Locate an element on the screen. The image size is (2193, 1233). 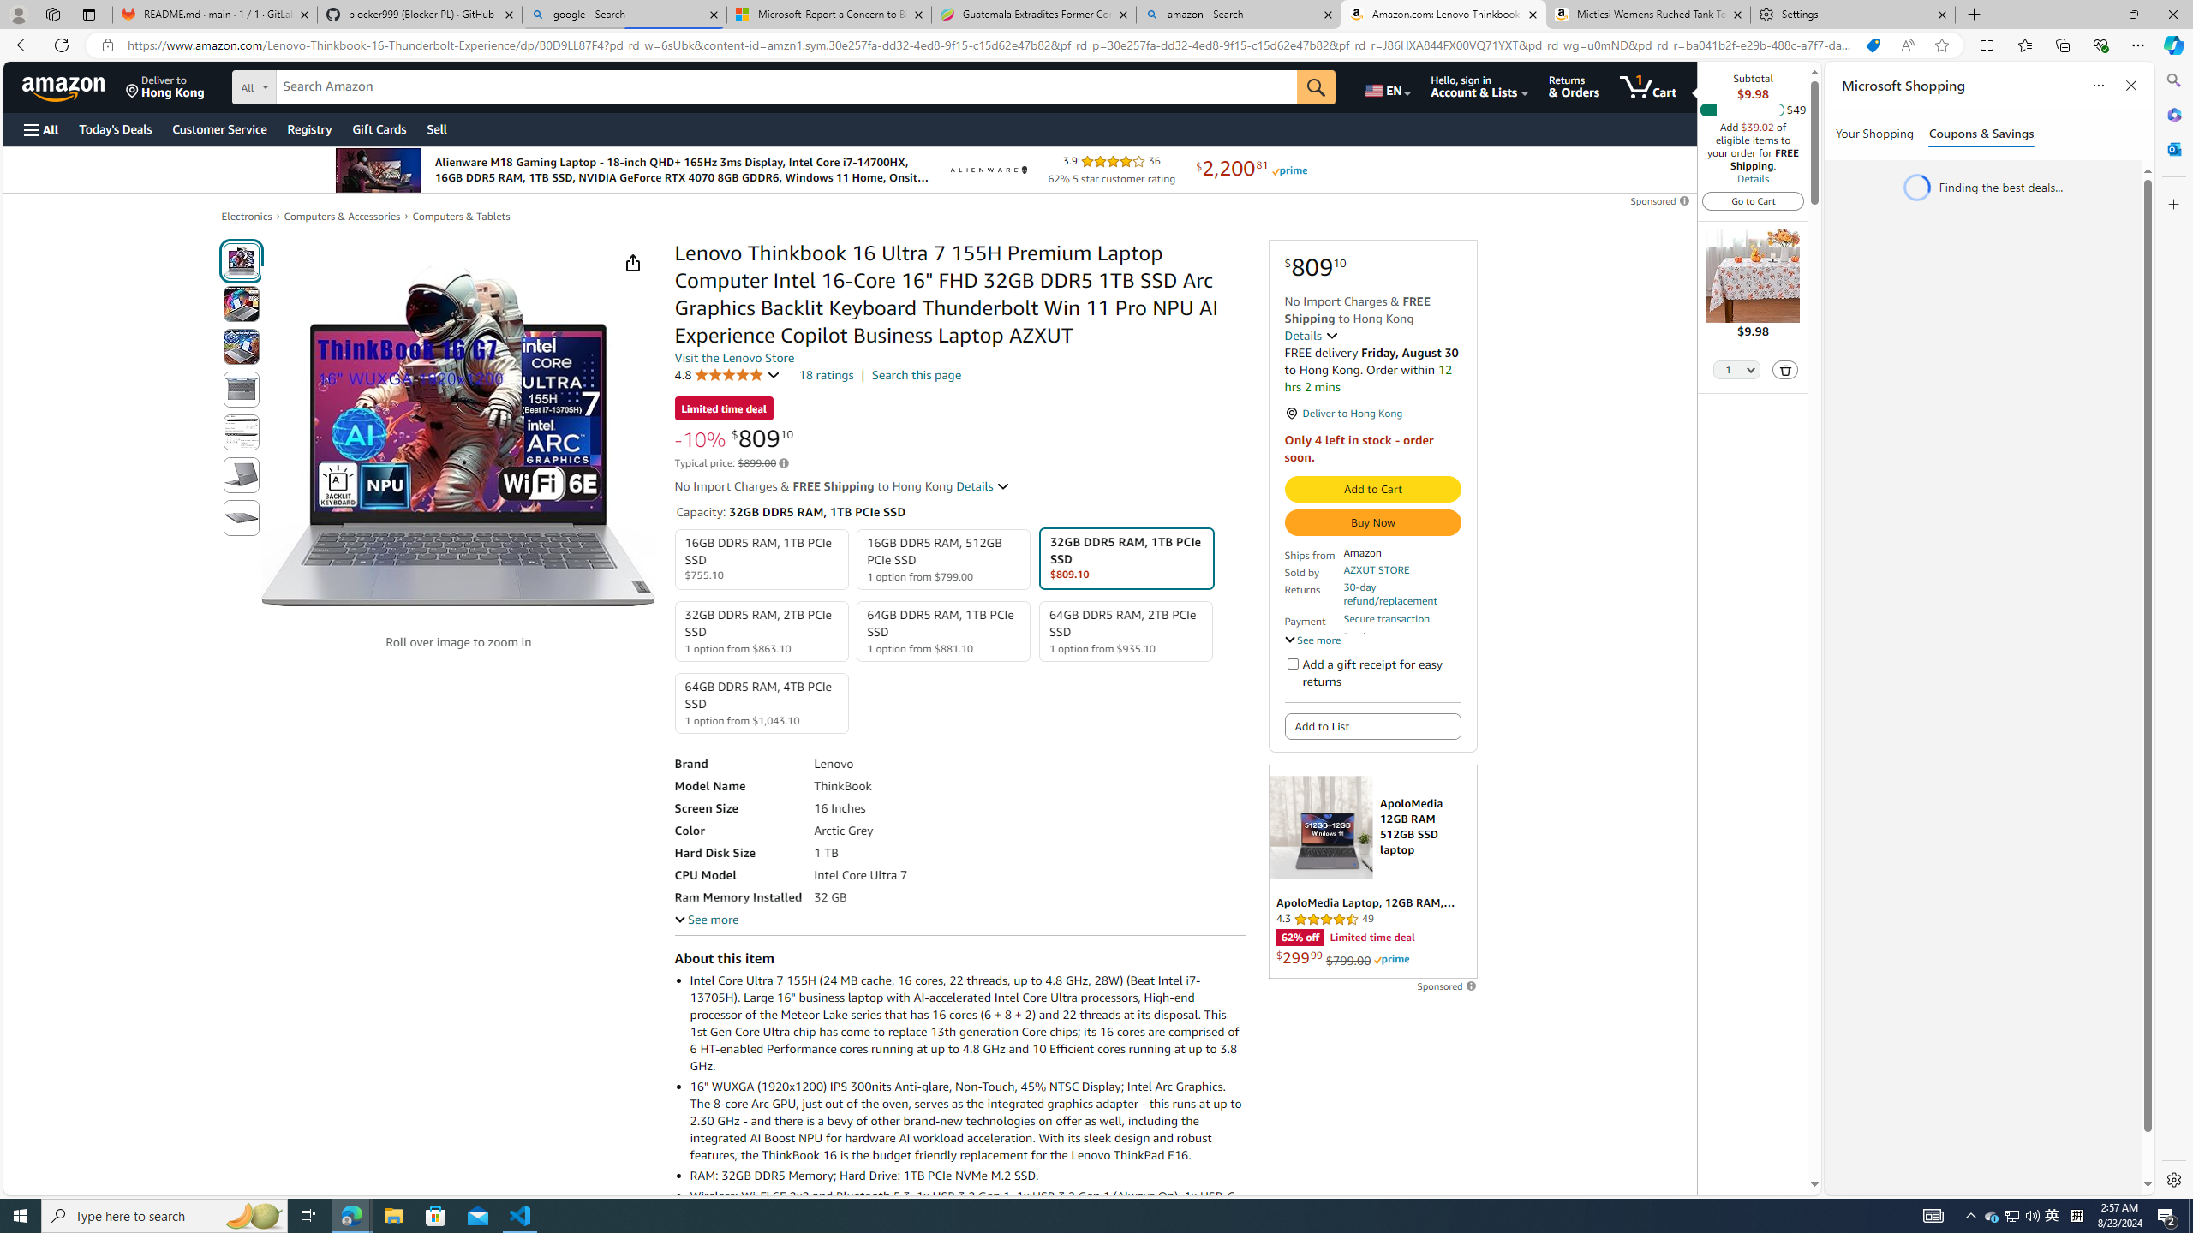
'Computers & Accessories' is located at coordinates (342, 216).